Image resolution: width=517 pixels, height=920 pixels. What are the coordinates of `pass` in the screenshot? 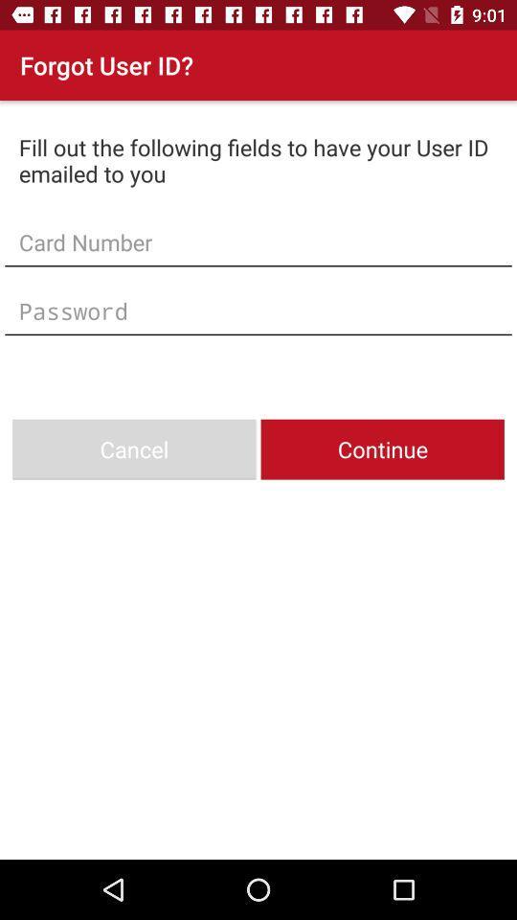 It's located at (258, 310).